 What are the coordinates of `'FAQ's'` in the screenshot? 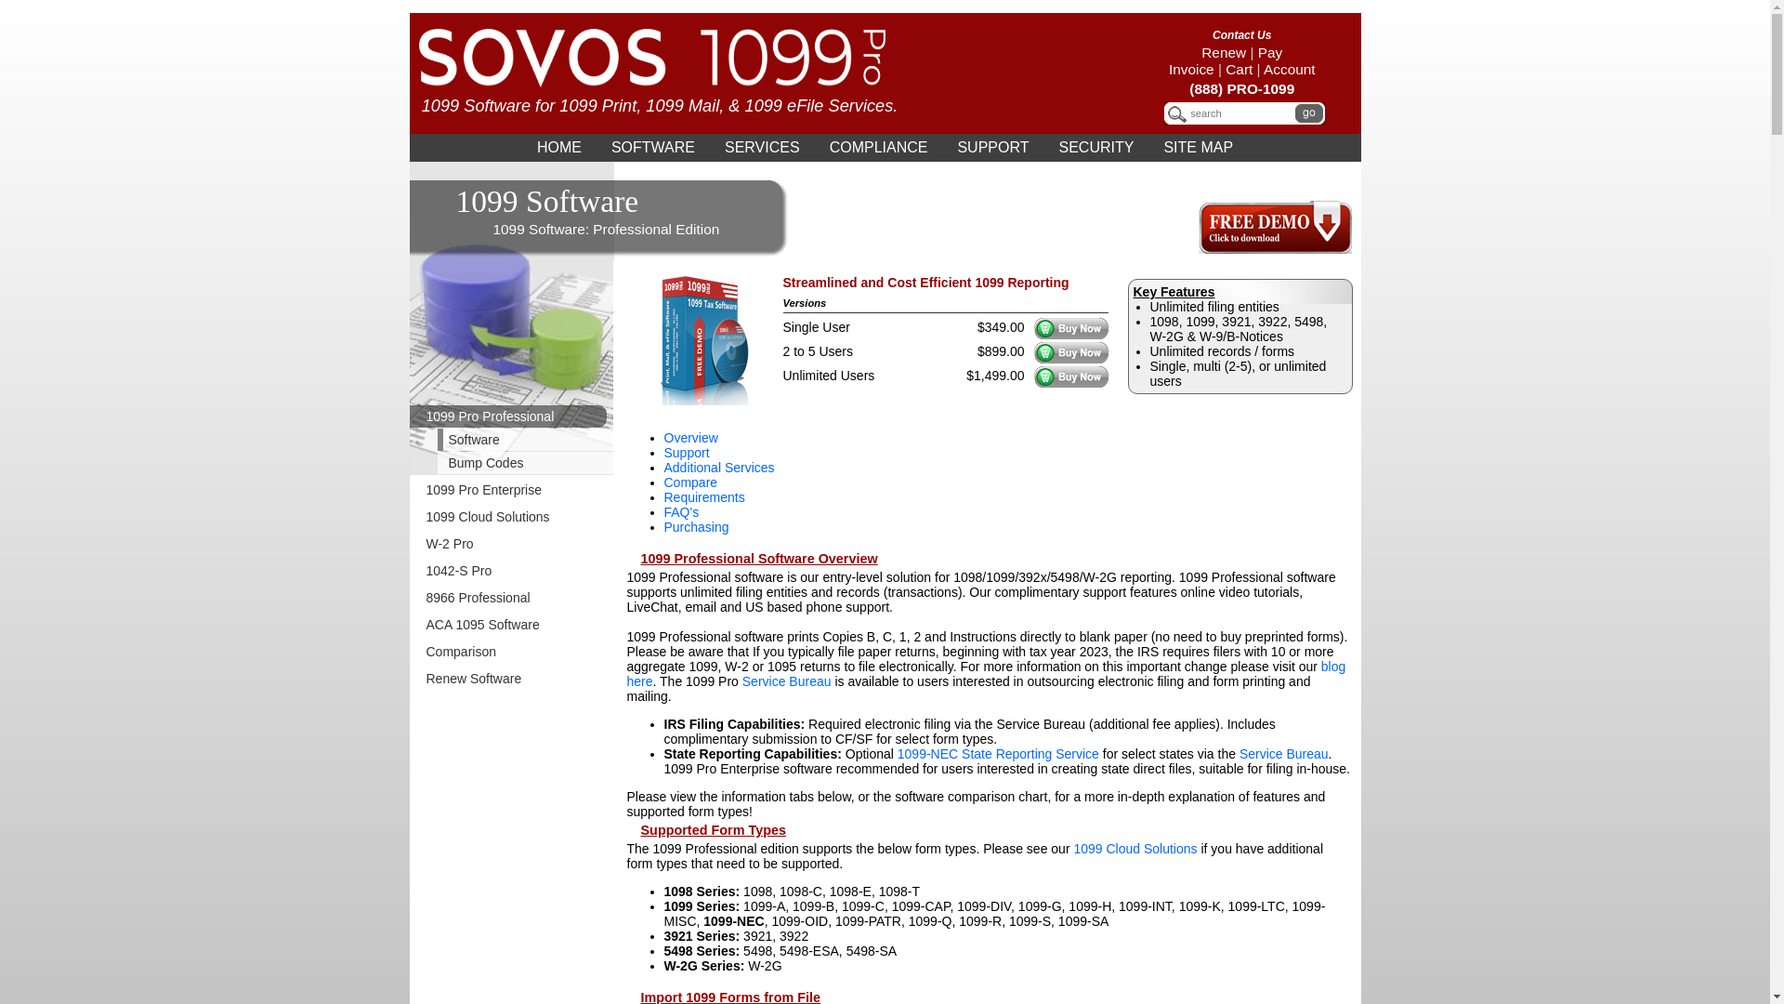 It's located at (680, 512).